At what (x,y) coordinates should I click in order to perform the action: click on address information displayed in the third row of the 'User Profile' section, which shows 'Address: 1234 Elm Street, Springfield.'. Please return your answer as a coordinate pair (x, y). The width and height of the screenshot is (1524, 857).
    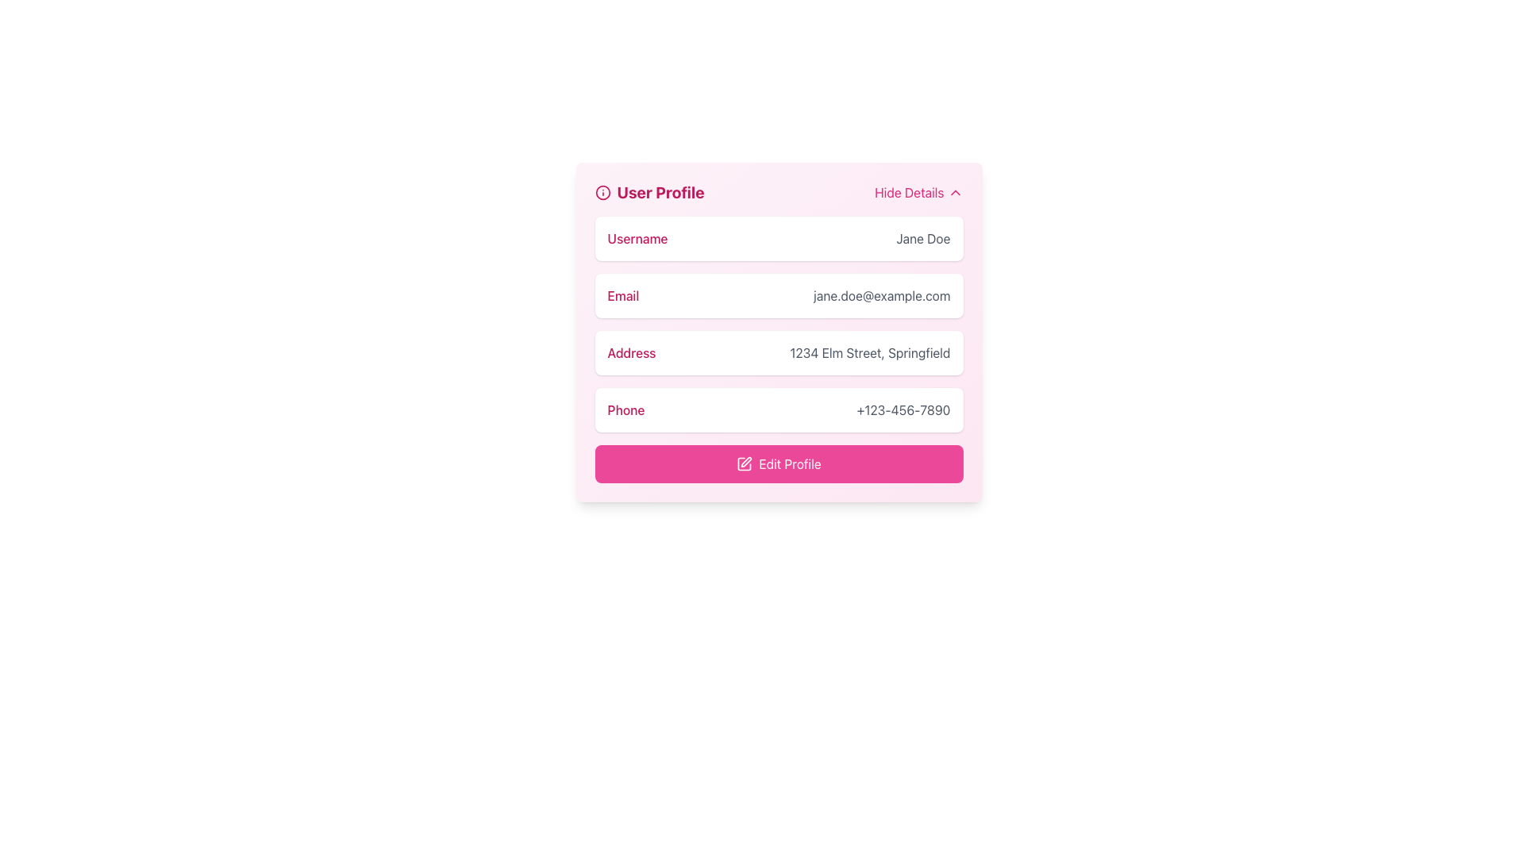
    Looking at the image, I should click on (779, 348).